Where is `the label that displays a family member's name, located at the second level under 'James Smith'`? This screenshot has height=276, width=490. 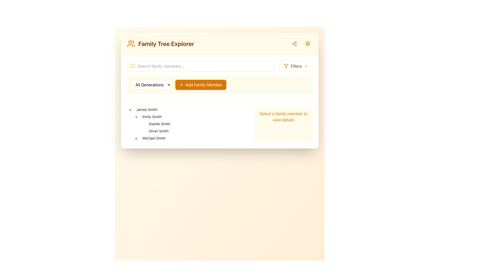
the label that displays a family member's name, located at the second level under 'James Smith' is located at coordinates (152, 117).